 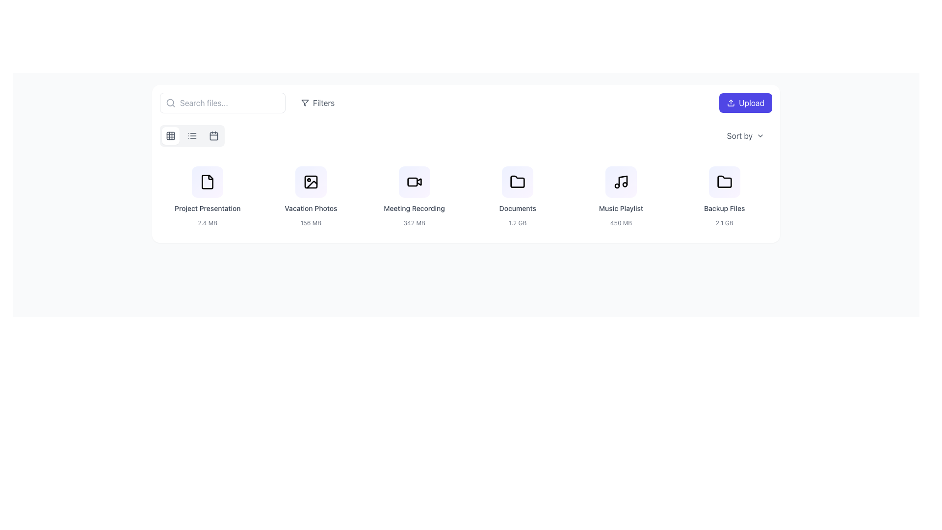 What do you see at coordinates (207, 182) in the screenshot?
I see `the icon representing a file or document, which resembles a document sheet with a folded corner` at bounding box center [207, 182].